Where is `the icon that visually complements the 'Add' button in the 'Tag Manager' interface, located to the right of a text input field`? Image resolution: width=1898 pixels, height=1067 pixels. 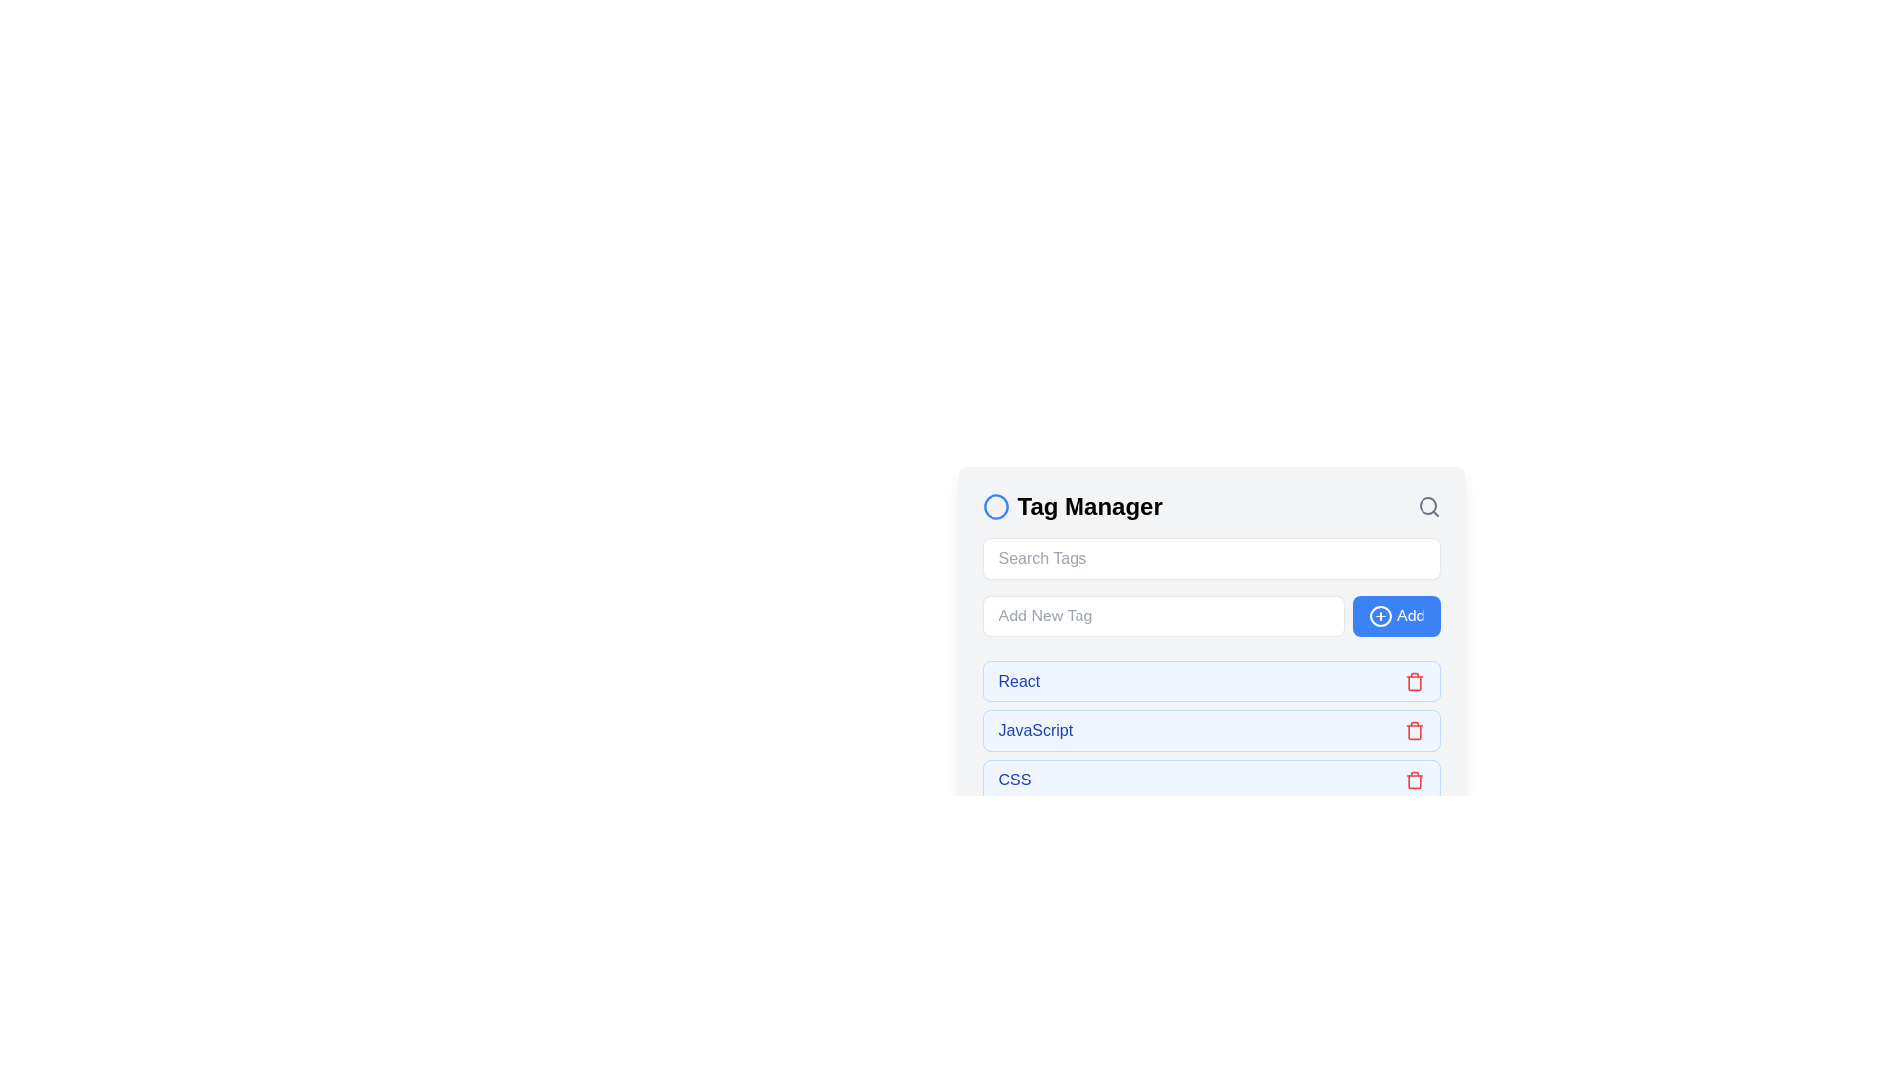
the icon that visually complements the 'Add' button in the 'Tag Manager' interface, located to the right of a text input field is located at coordinates (1379, 616).